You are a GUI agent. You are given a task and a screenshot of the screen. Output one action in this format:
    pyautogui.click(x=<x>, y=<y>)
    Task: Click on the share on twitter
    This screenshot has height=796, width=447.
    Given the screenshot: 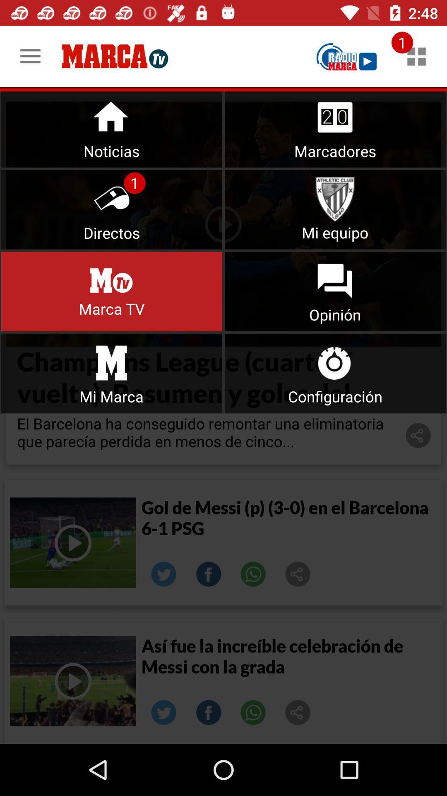 What is the action you would take?
    pyautogui.click(x=164, y=712)
    